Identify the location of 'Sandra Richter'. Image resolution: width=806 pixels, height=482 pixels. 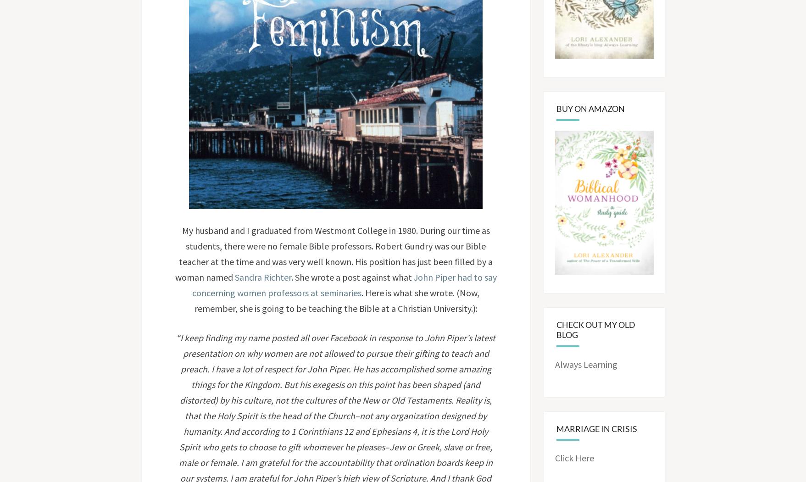
(262, 277).